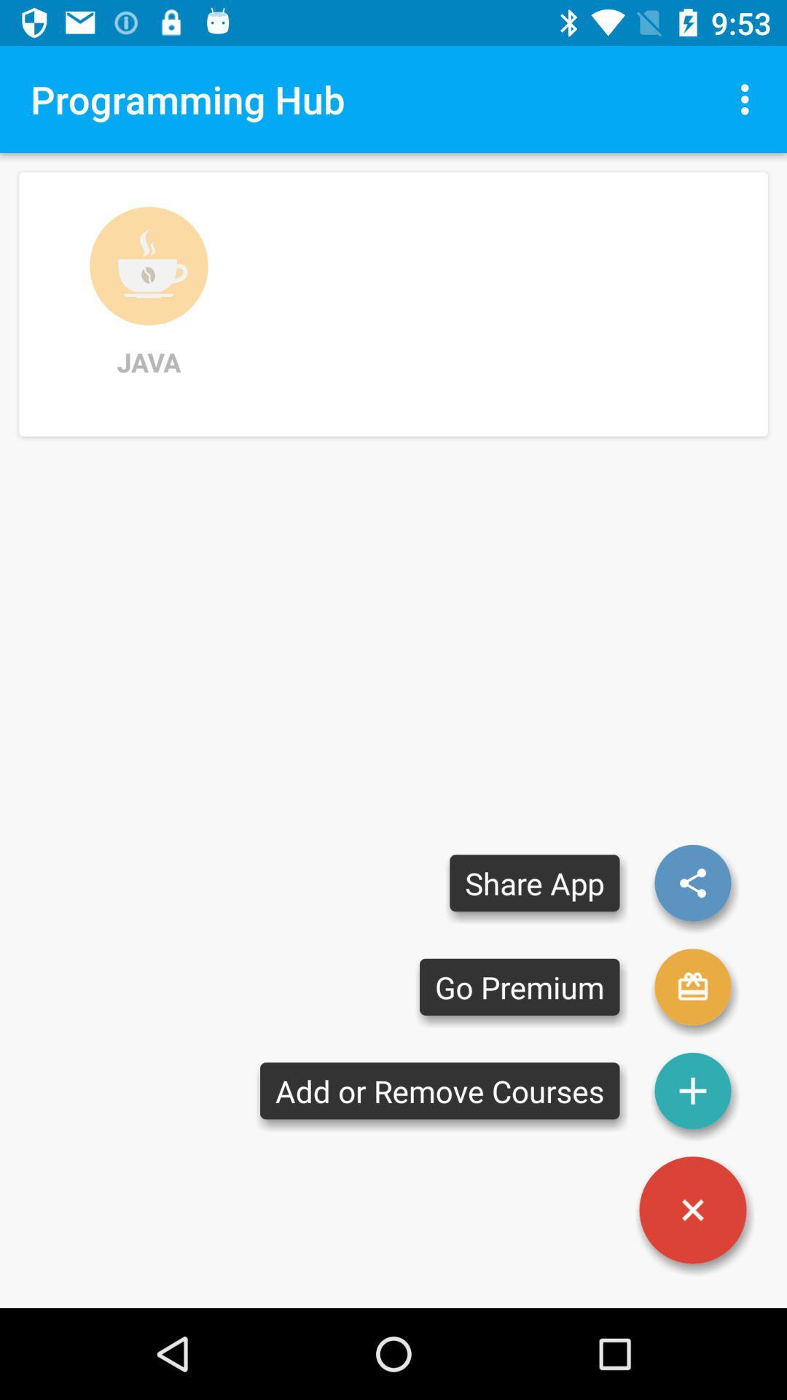  Describe the element at coordinates (534, 882) in the screenshot. I see `the item above the go premium icon` at that location.